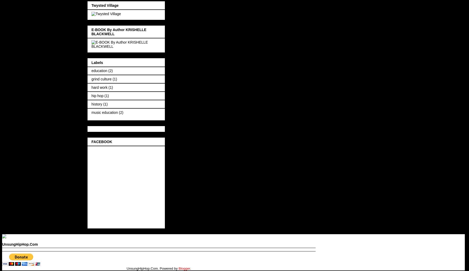 The image size is (469, 271). What do you see at coordinates (2, 244) in the screenshot?
I see `'UnsungHipHop.Com'` at bounding box center [2, 244].